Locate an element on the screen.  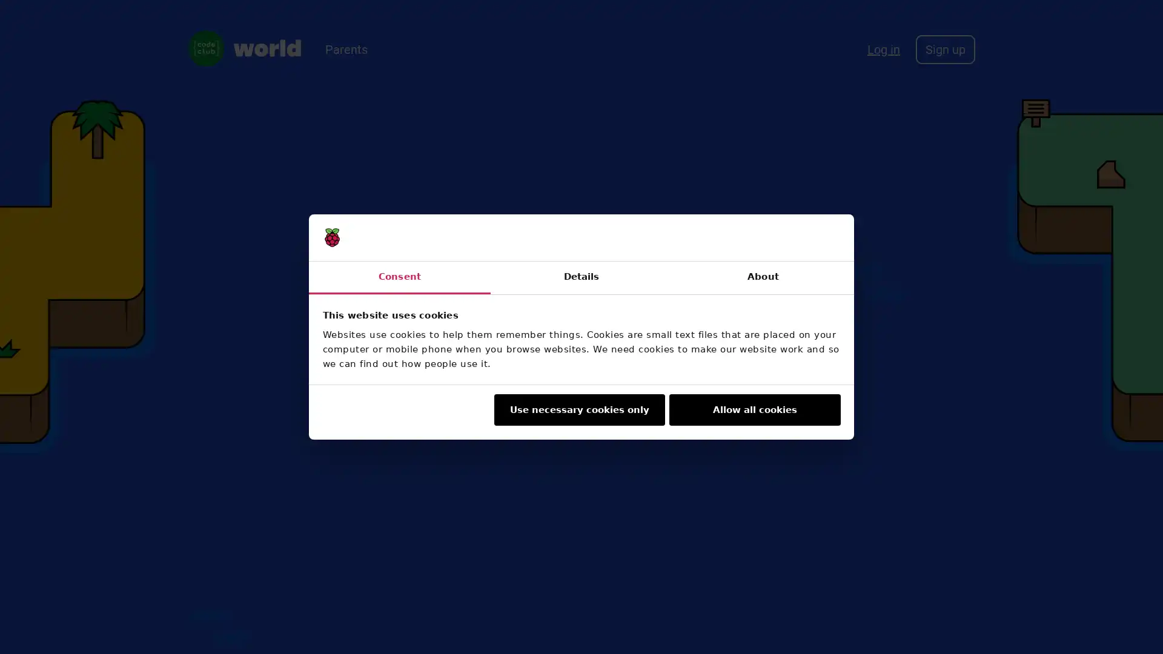
Sign up is located at coordinates (944, 48).